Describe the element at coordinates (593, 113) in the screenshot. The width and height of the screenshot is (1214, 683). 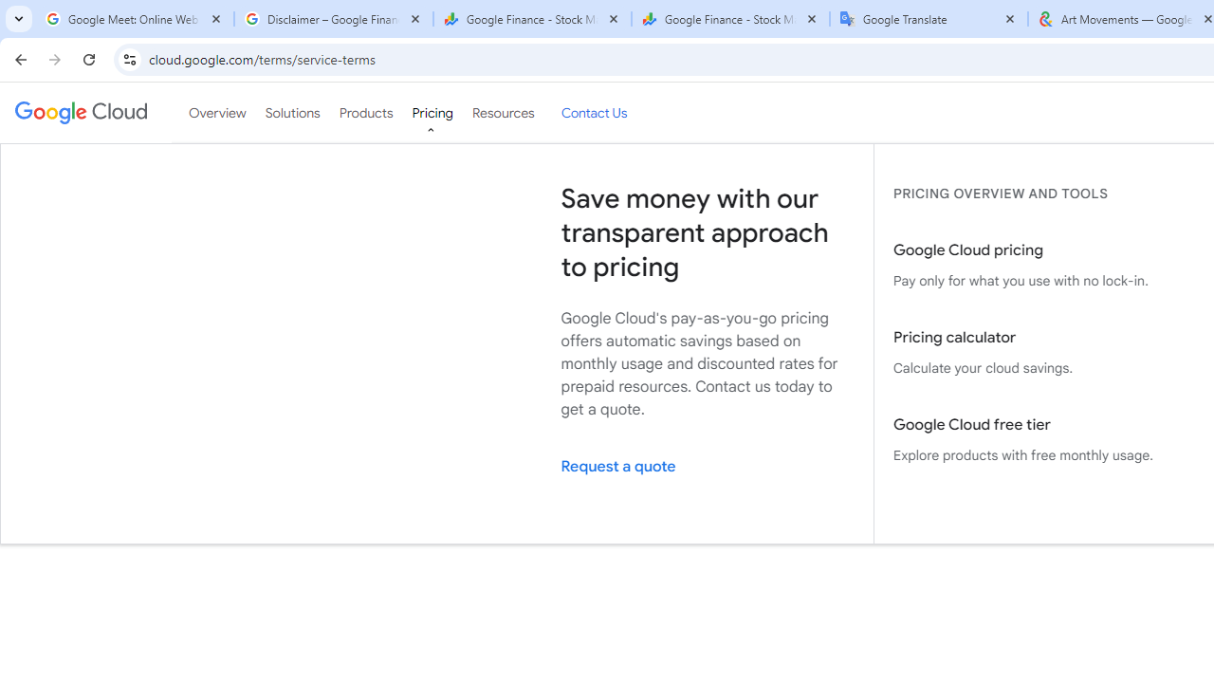
I see `'Contact Us'` at that location.